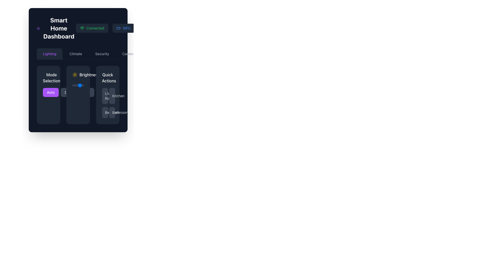  I want to click on the text label displaying the current brightness level of '75%' located to the right of the 'Brightness' label and above the 'Quick Actions' section in the UI, so click(103, 75).